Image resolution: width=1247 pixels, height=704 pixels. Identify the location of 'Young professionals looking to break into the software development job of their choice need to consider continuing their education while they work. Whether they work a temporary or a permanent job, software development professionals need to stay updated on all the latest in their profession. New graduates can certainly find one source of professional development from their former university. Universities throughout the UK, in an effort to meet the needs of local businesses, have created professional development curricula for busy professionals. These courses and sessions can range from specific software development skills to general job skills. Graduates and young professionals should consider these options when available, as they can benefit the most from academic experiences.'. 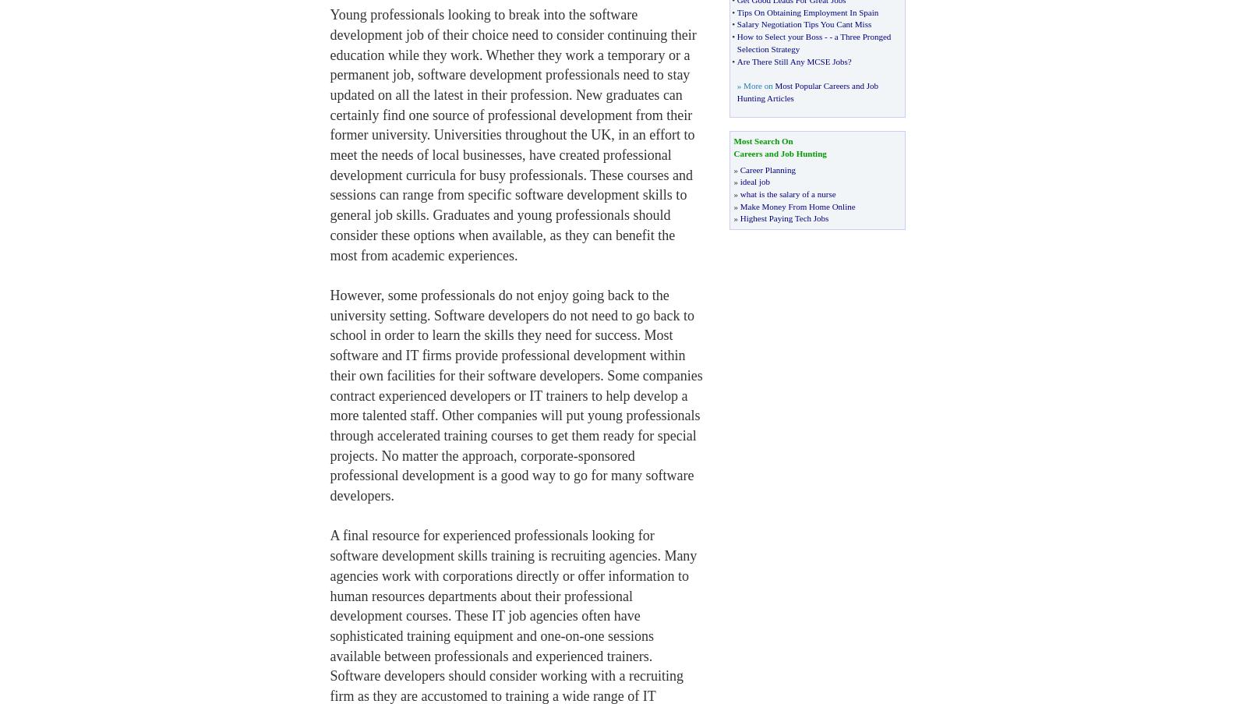
(513, 134).